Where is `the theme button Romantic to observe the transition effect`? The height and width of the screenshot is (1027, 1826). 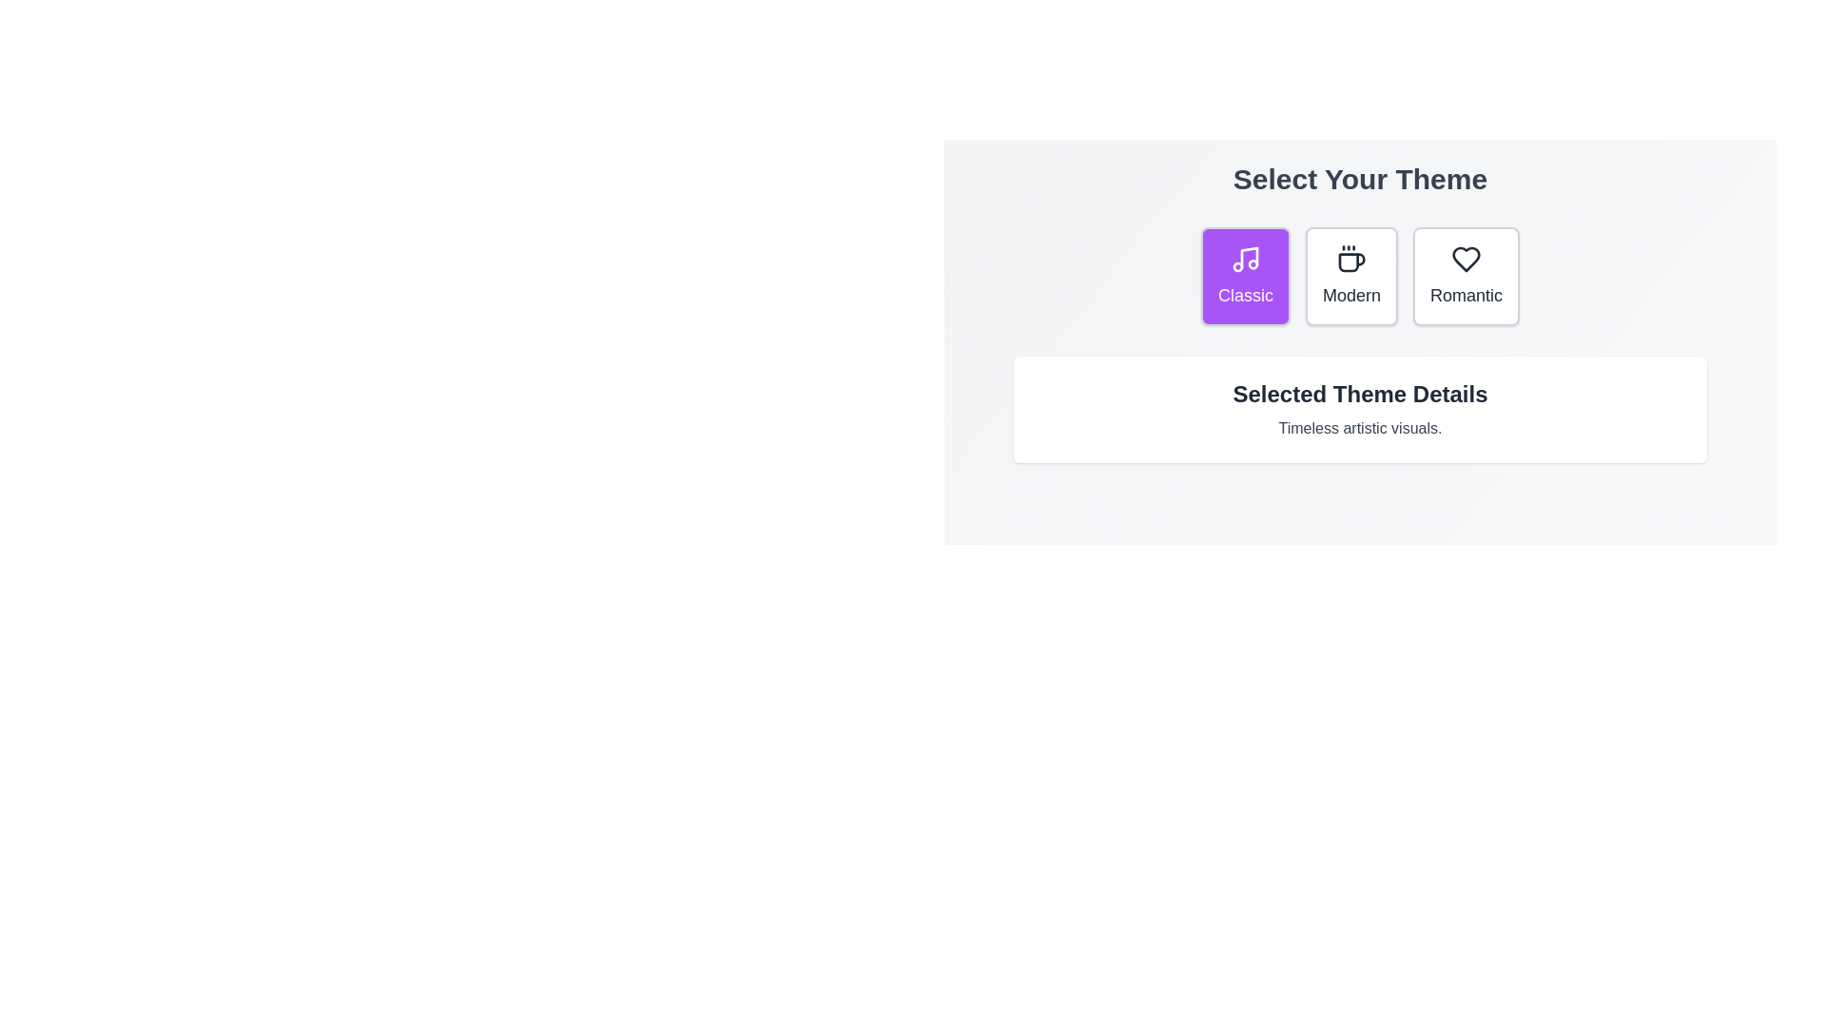
the theme button Romantic to observe the transition effect is located at coordinates (1465, 276).